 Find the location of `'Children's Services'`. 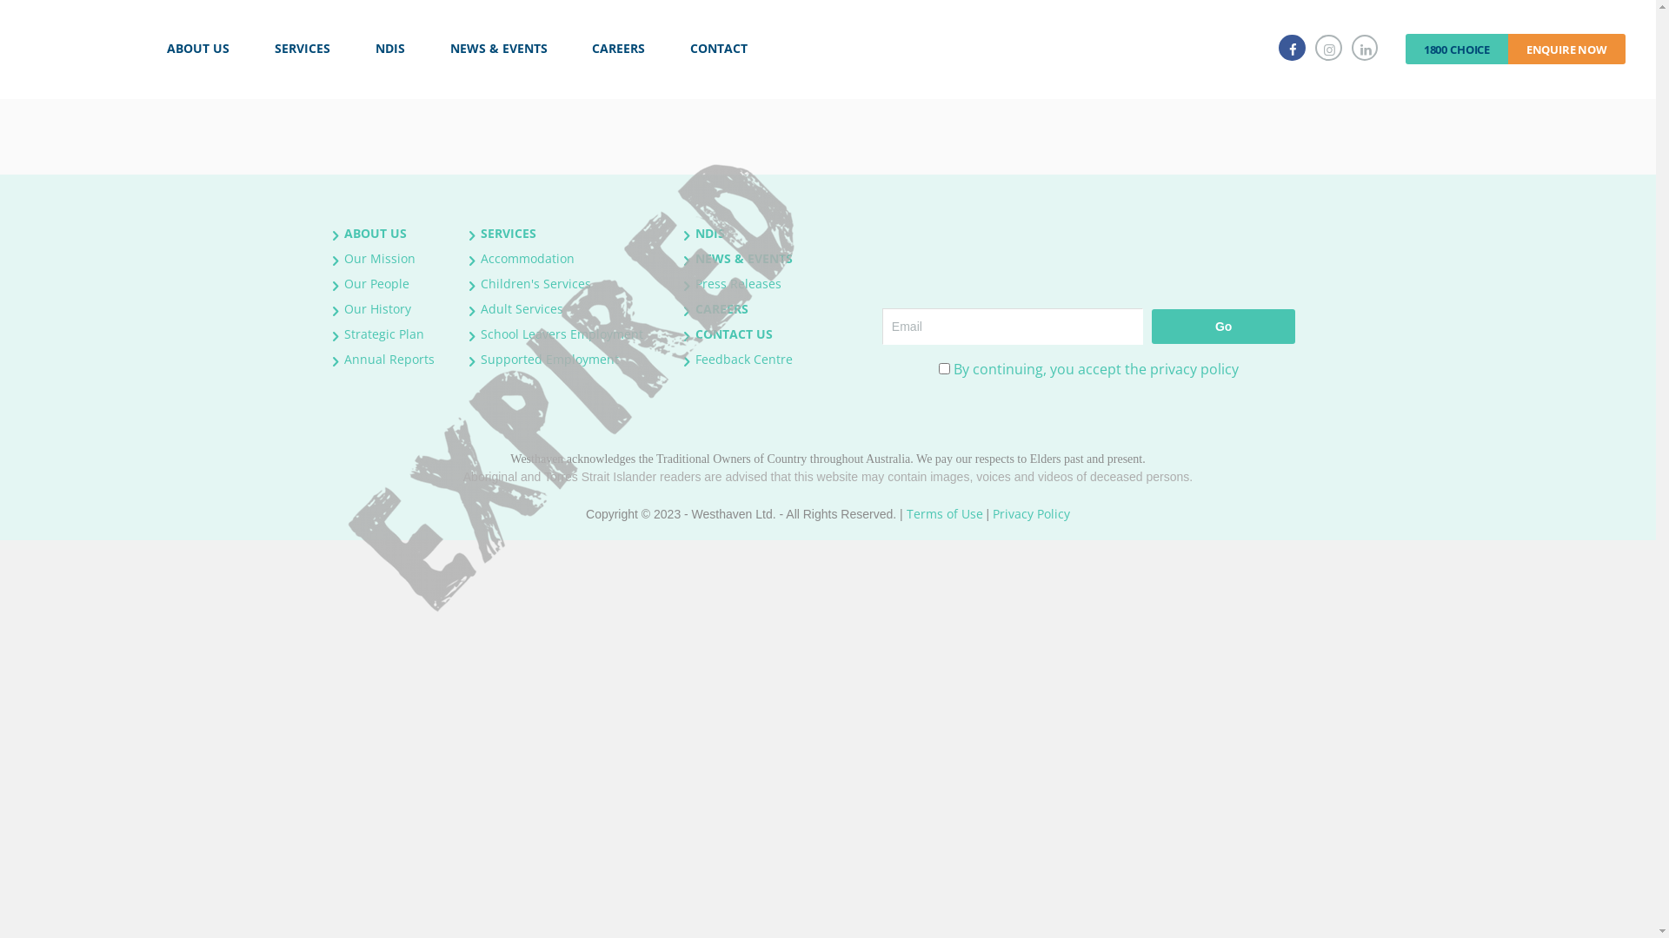

'Children's Services' is located at coordinates (535, 282).